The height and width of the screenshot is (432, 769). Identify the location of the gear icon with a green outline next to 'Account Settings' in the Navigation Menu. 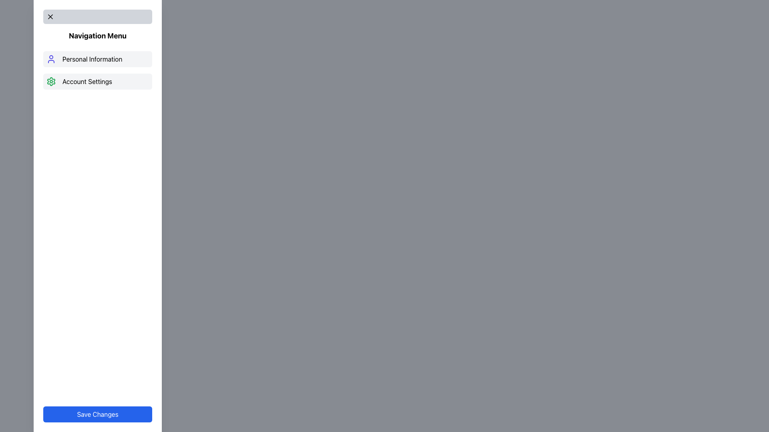
(51, 82).